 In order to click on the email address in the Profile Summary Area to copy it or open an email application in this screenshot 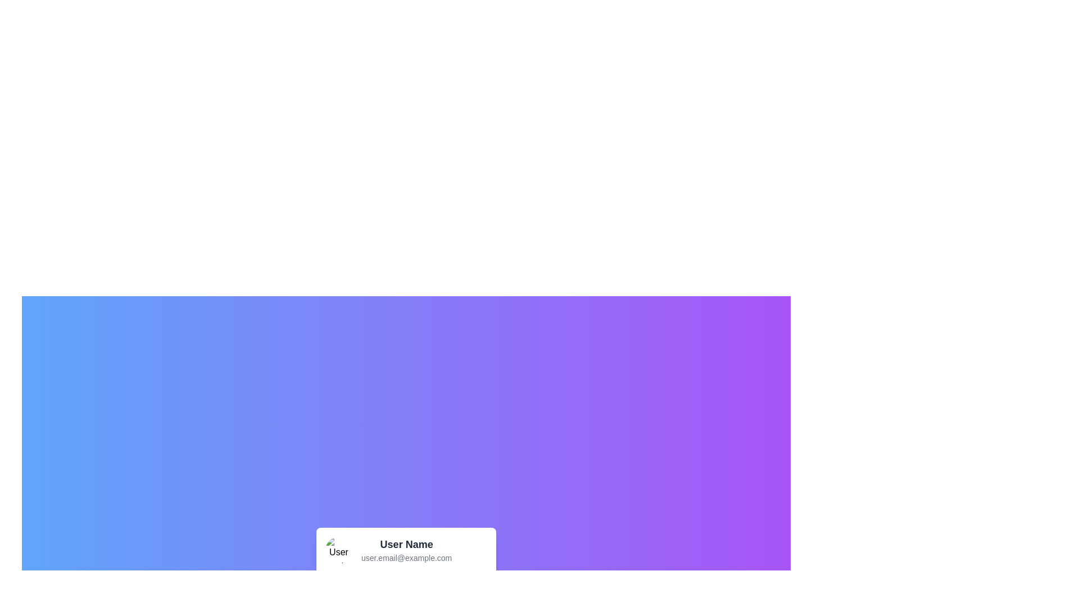, I will do `click(406, 550)`.